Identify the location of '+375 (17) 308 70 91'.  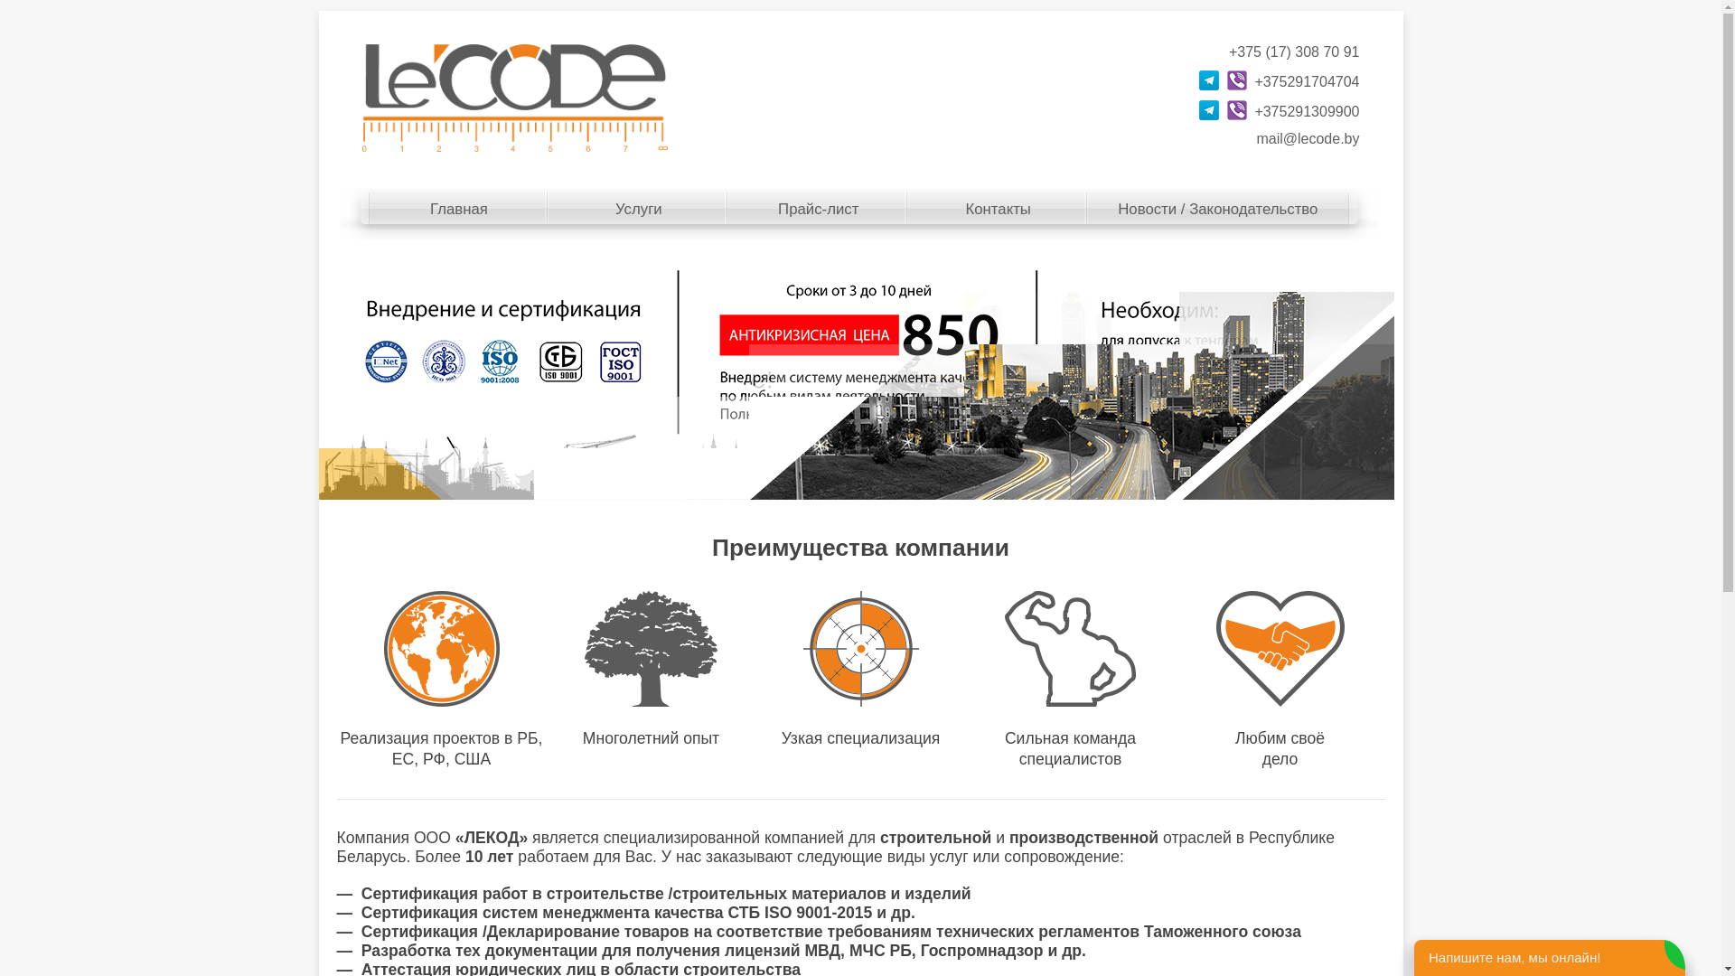
(1293, 51).